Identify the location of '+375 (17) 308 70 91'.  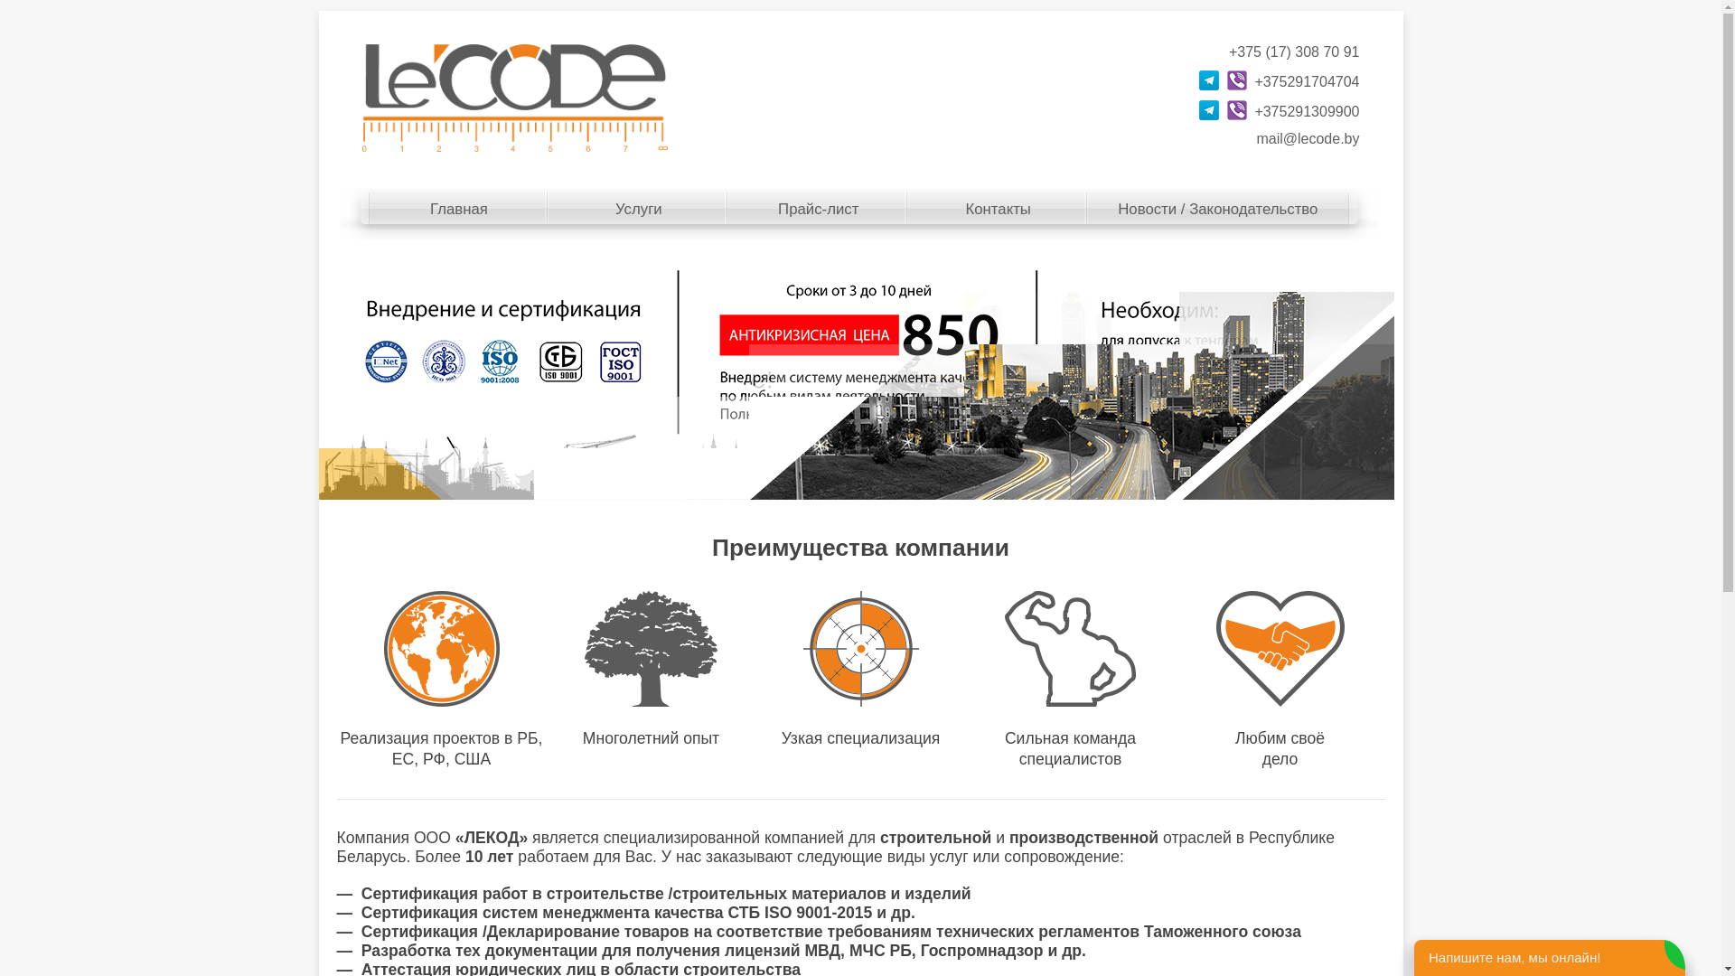
(1293, 51).